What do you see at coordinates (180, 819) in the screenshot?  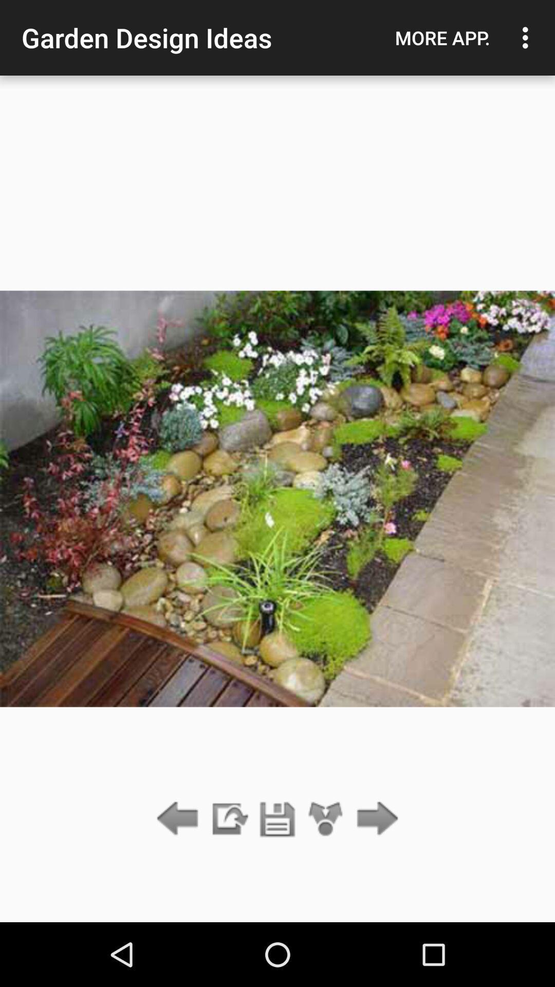 I see `shows previous option` at bounding box center [180, 819].